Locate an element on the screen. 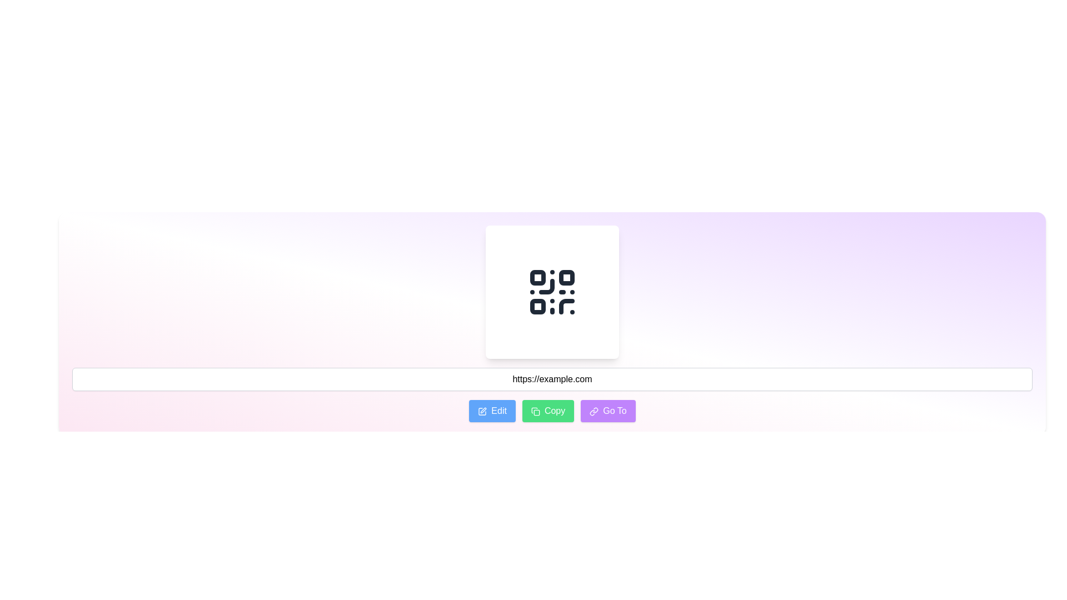 The image size is (1067, 600). the 'Copy' button, which is a rectangular button with a green background and white text, located between the 'Edit' and 'Go To' buttons at the bottom of the component is located at coordinates (552, 411).